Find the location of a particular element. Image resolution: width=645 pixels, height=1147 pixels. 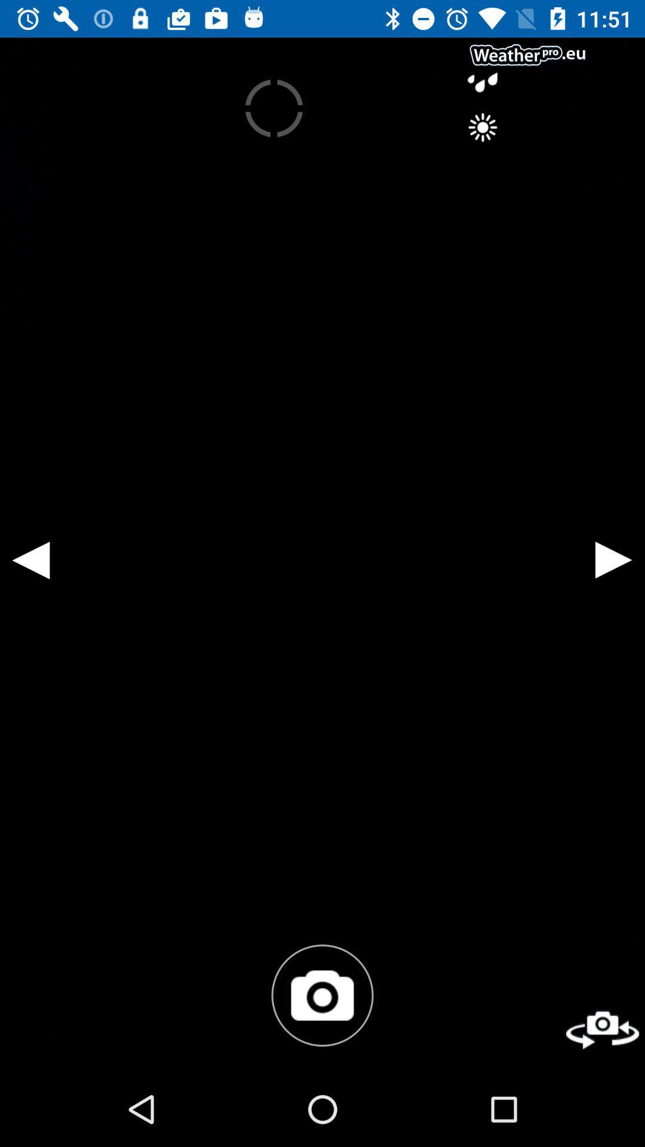

the photo icon is located at coordinates (322, 995).